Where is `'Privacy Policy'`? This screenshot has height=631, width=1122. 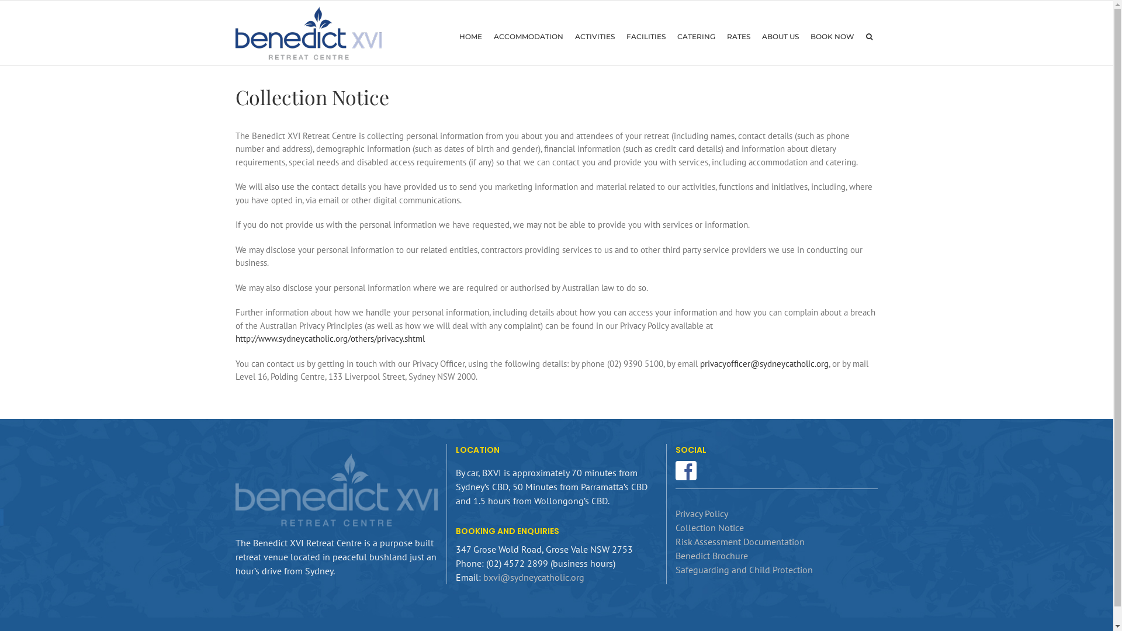 'Privacy Policy' is located at coordinates (701, 513).